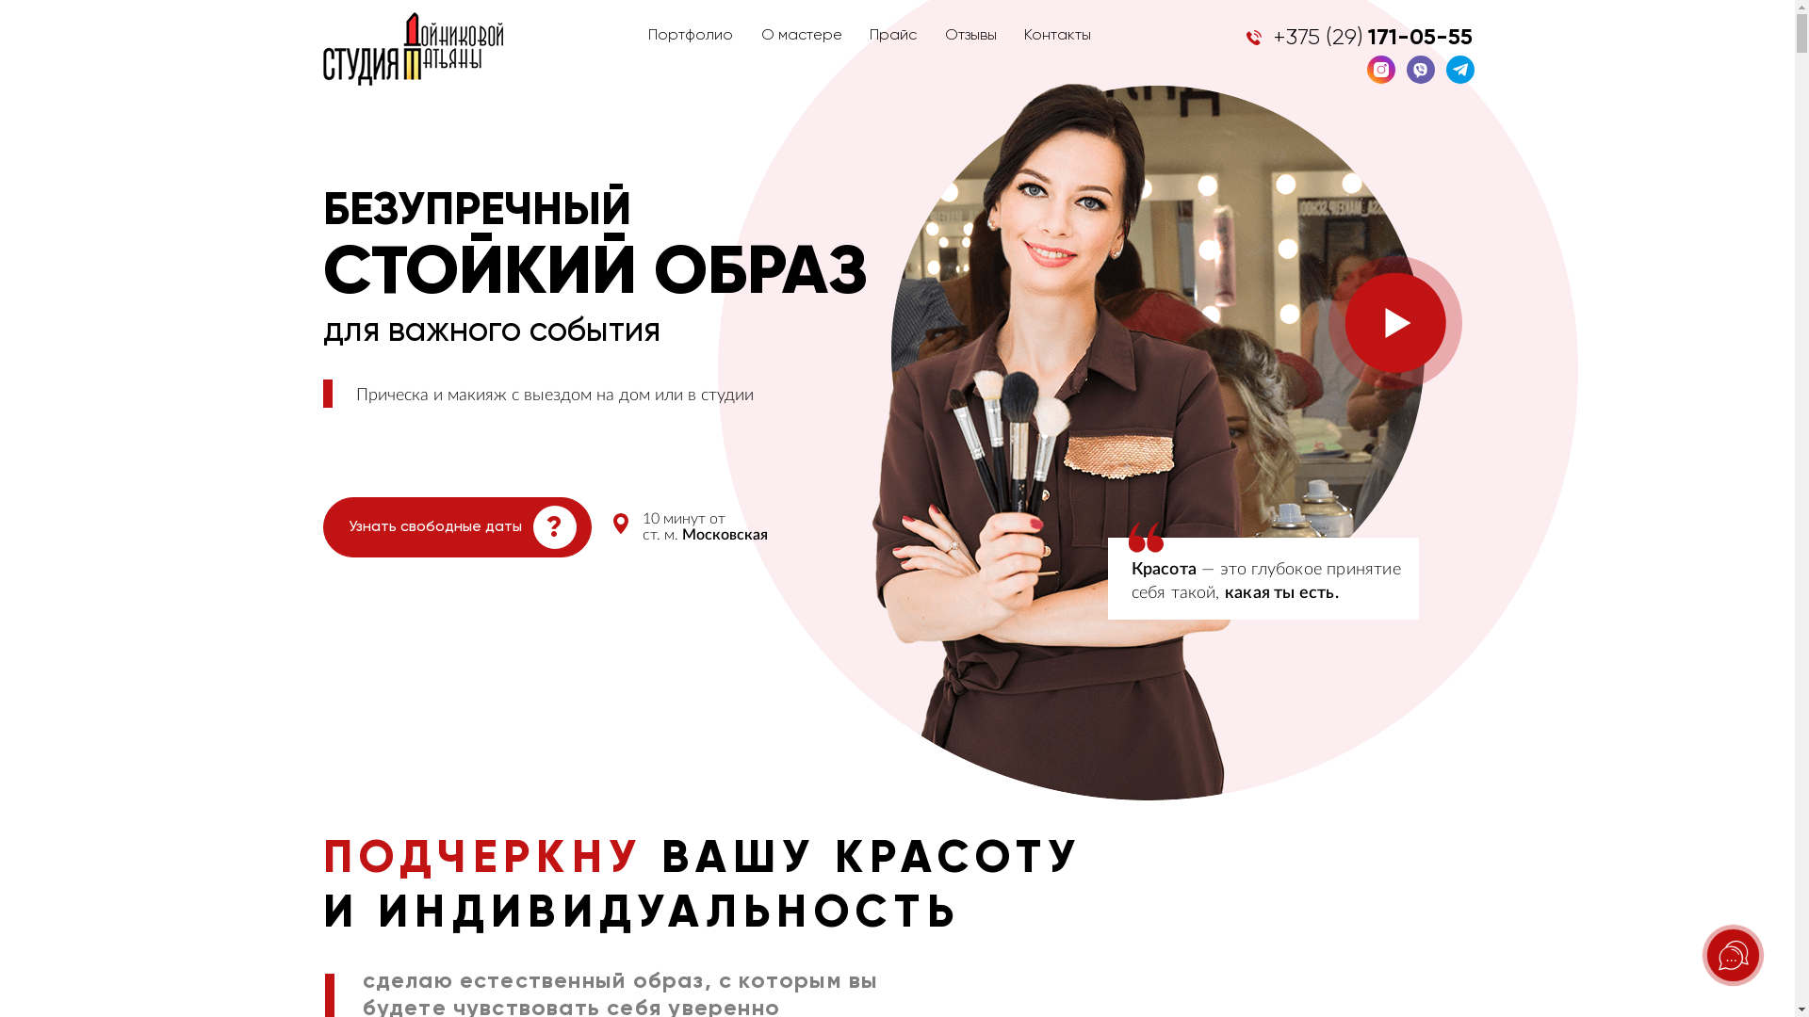 Image resolution: width=1809 pixels, height=1017 pixels. I want to click on 'Telegram', so click(1459, 68).